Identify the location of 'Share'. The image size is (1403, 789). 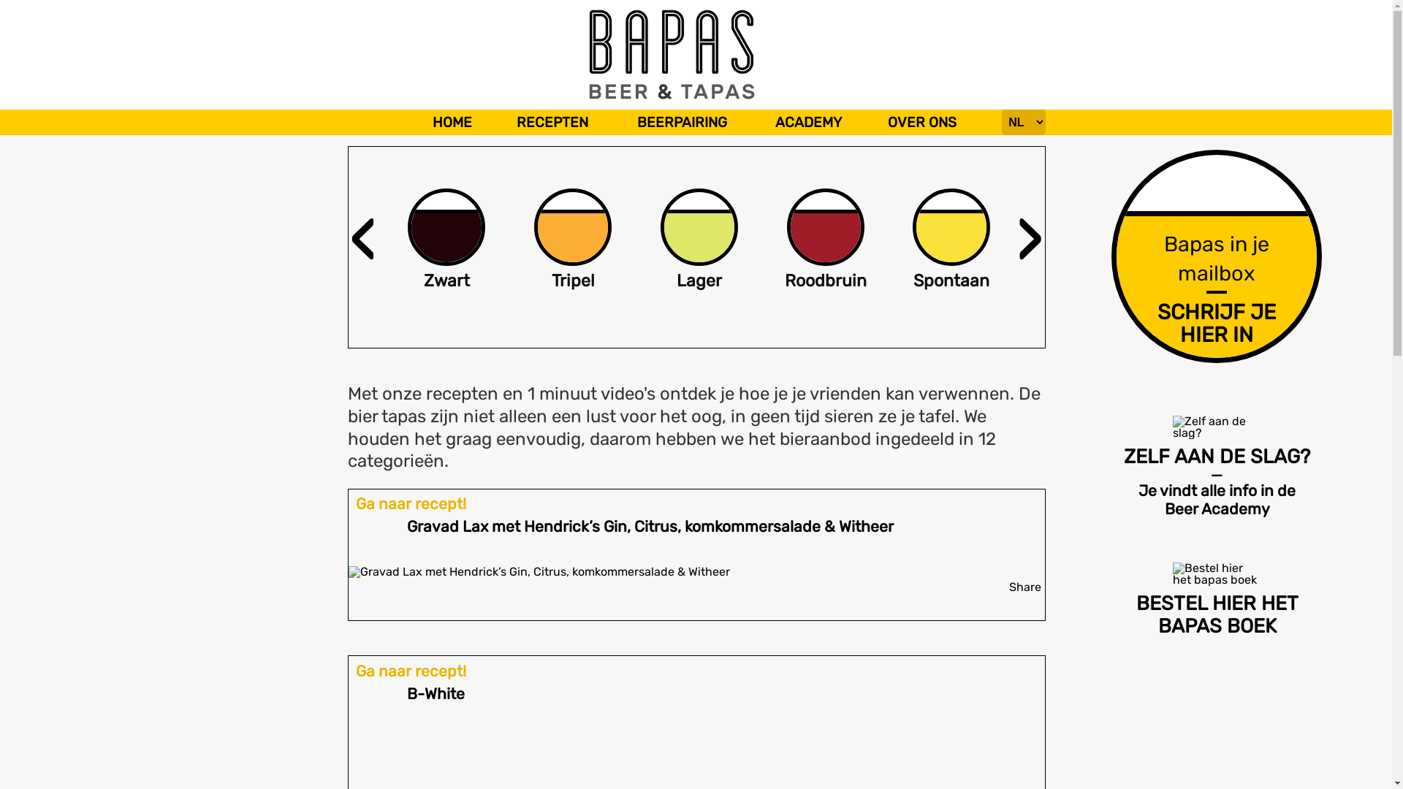
(1024, 586).